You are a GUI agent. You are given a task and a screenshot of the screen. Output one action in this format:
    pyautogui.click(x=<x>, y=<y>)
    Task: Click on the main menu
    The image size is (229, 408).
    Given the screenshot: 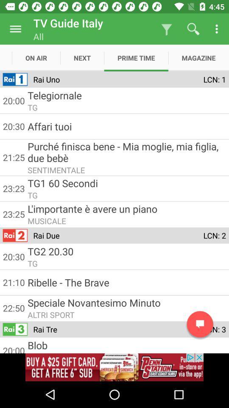 What is the action you would take?
    pyautogui.click(x=15, y=29)
    